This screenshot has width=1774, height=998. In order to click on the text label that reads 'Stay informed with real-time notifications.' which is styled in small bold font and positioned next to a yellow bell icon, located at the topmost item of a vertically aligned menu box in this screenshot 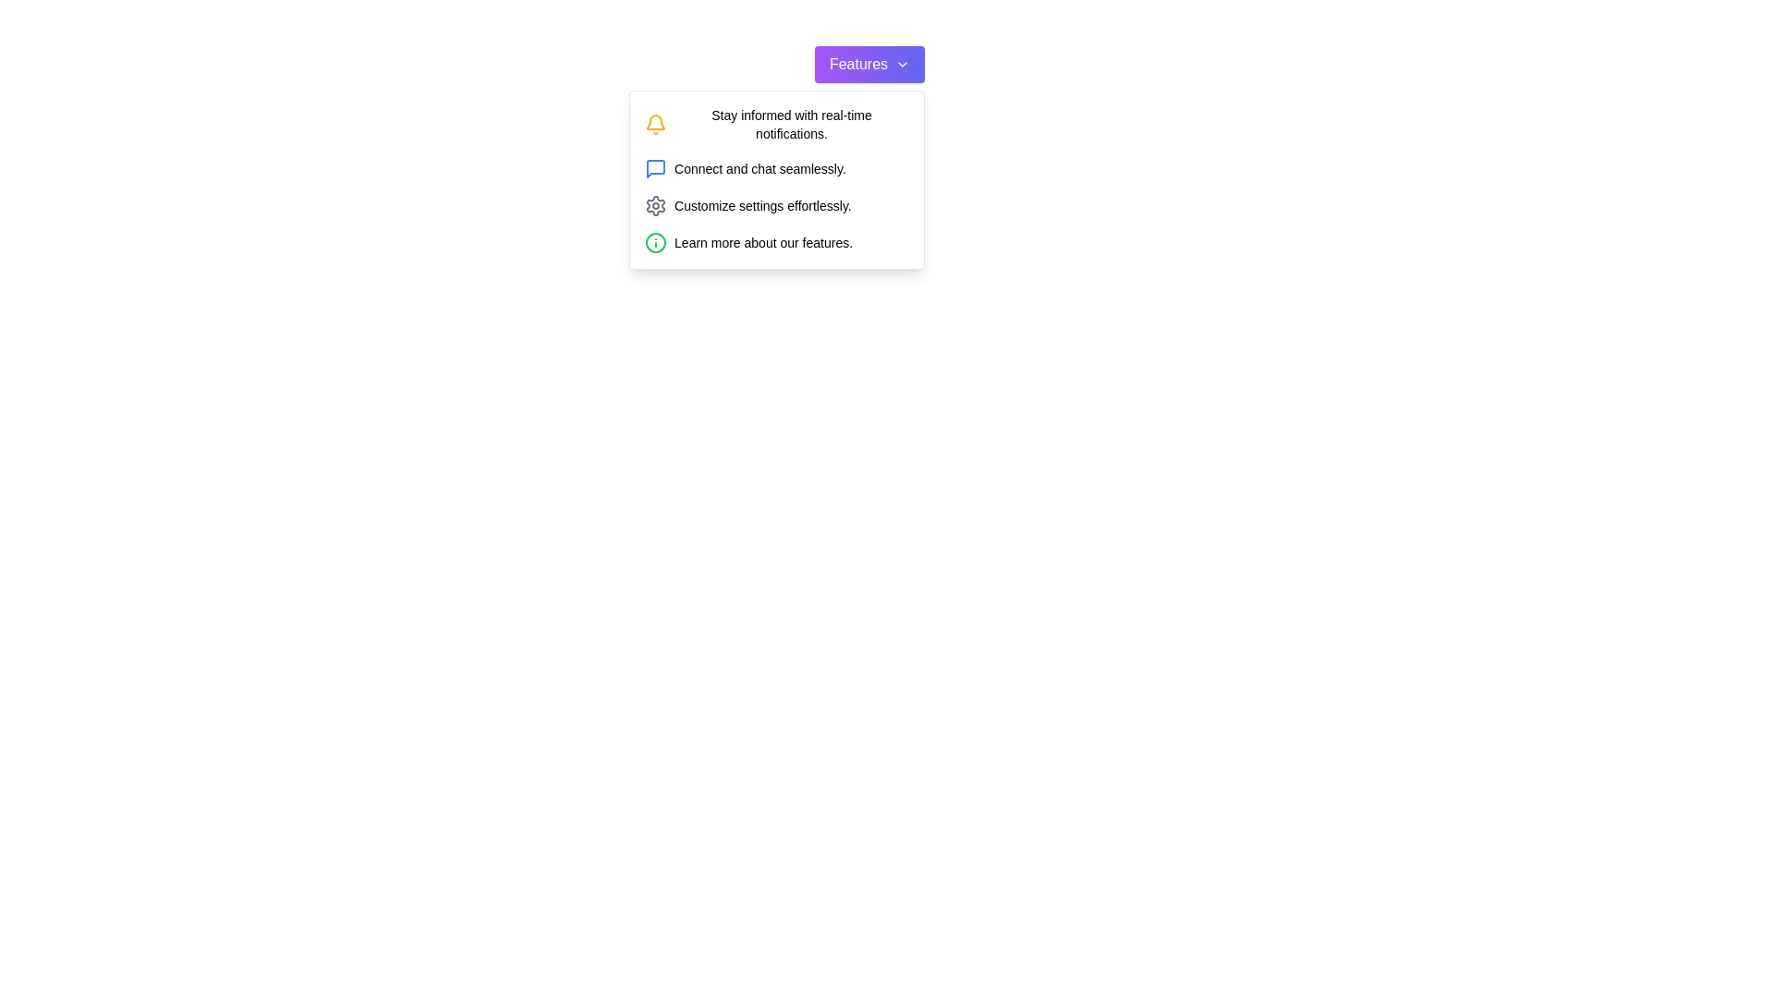, I will do `click(792, 125)`.